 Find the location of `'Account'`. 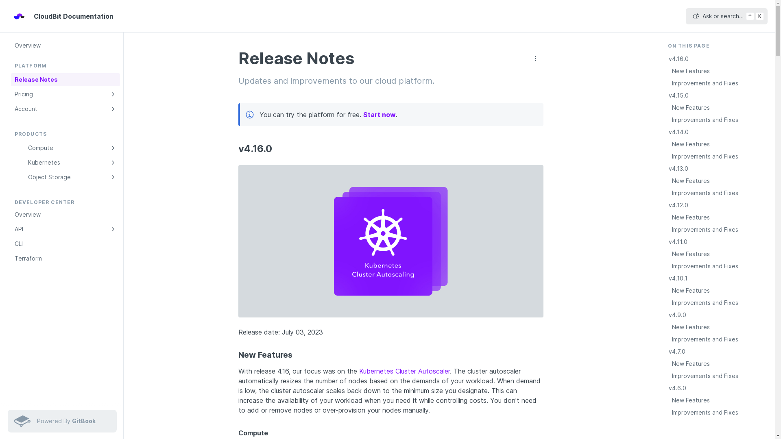

'Account' is located at coordinates (64, 108).